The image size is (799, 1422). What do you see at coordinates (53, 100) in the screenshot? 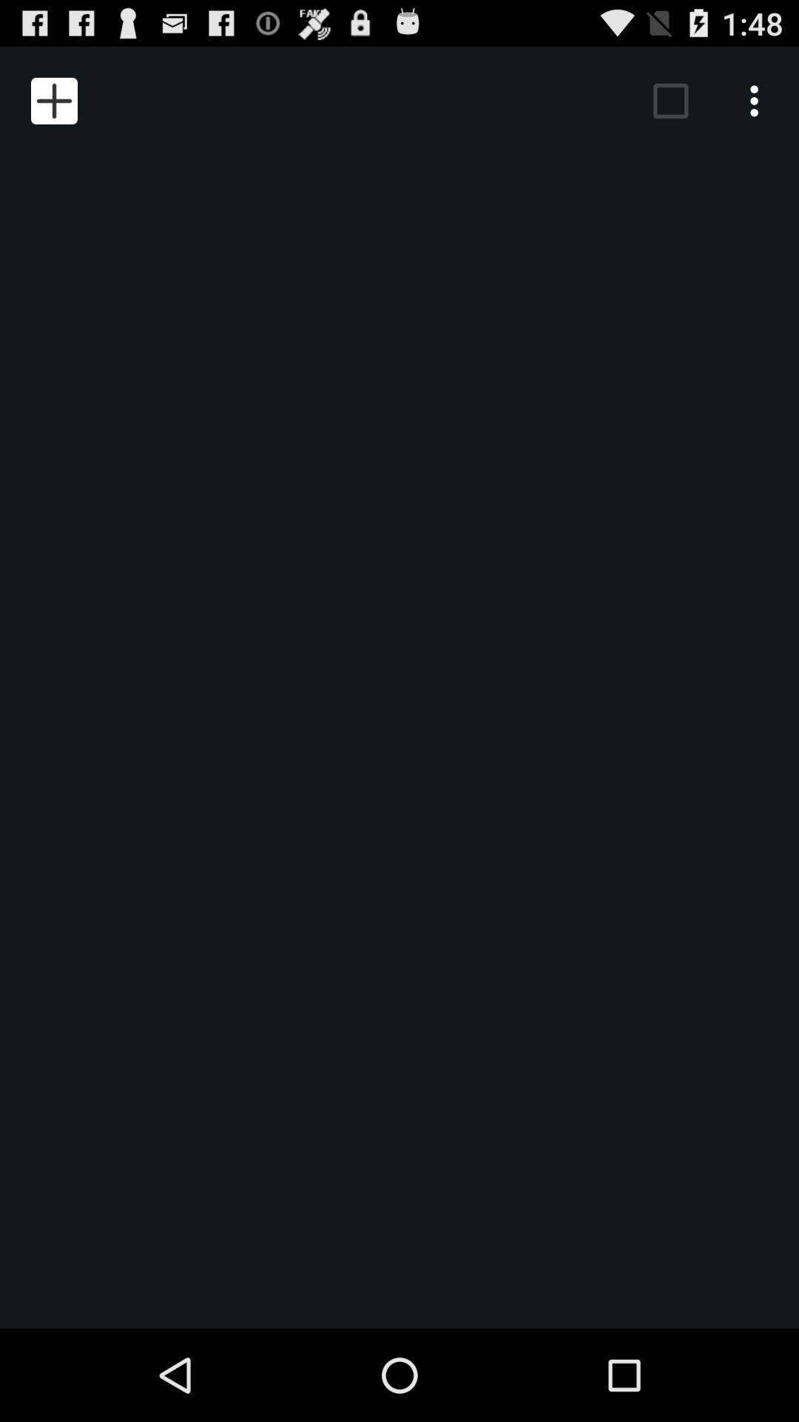
I see `item at the top left corner` at bounding box center [53, 100].